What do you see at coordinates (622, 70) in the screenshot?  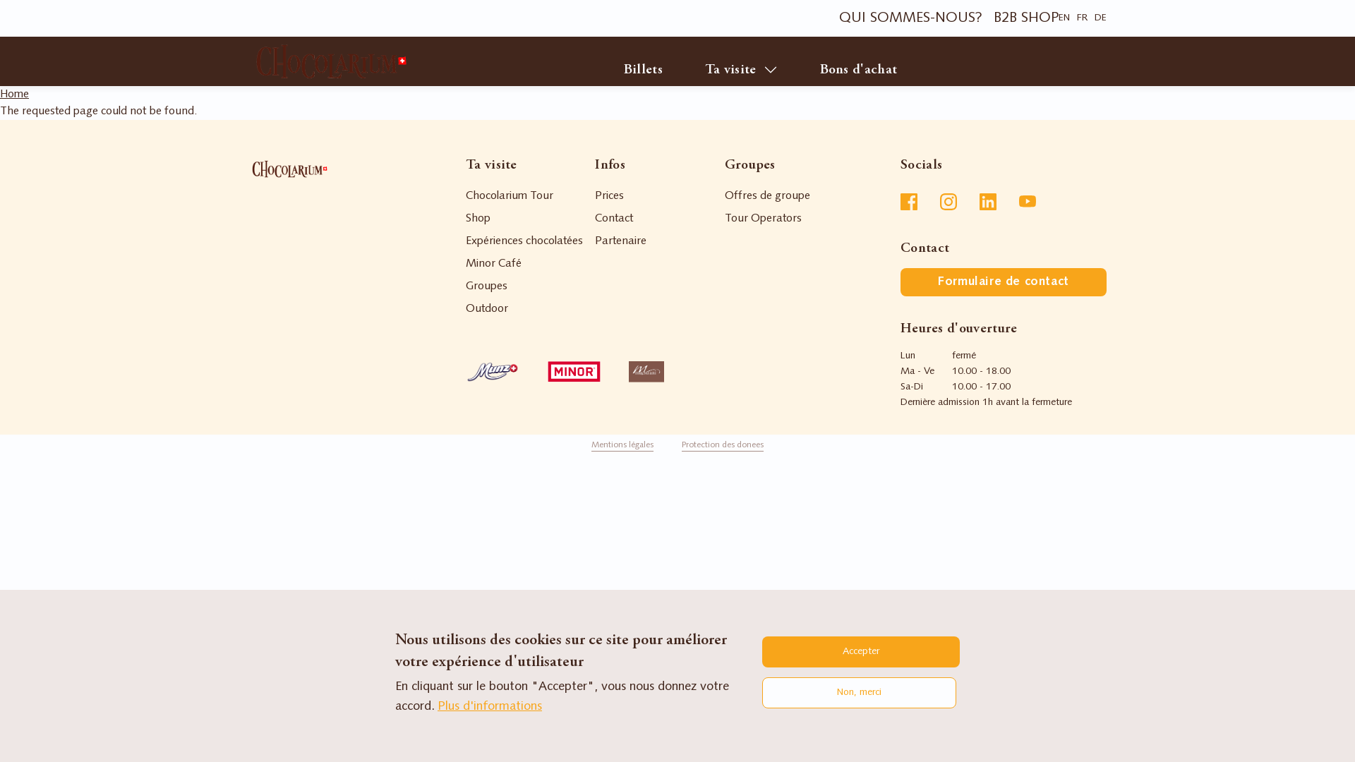 I see `'Billets'` at bounding box center [622, 70].